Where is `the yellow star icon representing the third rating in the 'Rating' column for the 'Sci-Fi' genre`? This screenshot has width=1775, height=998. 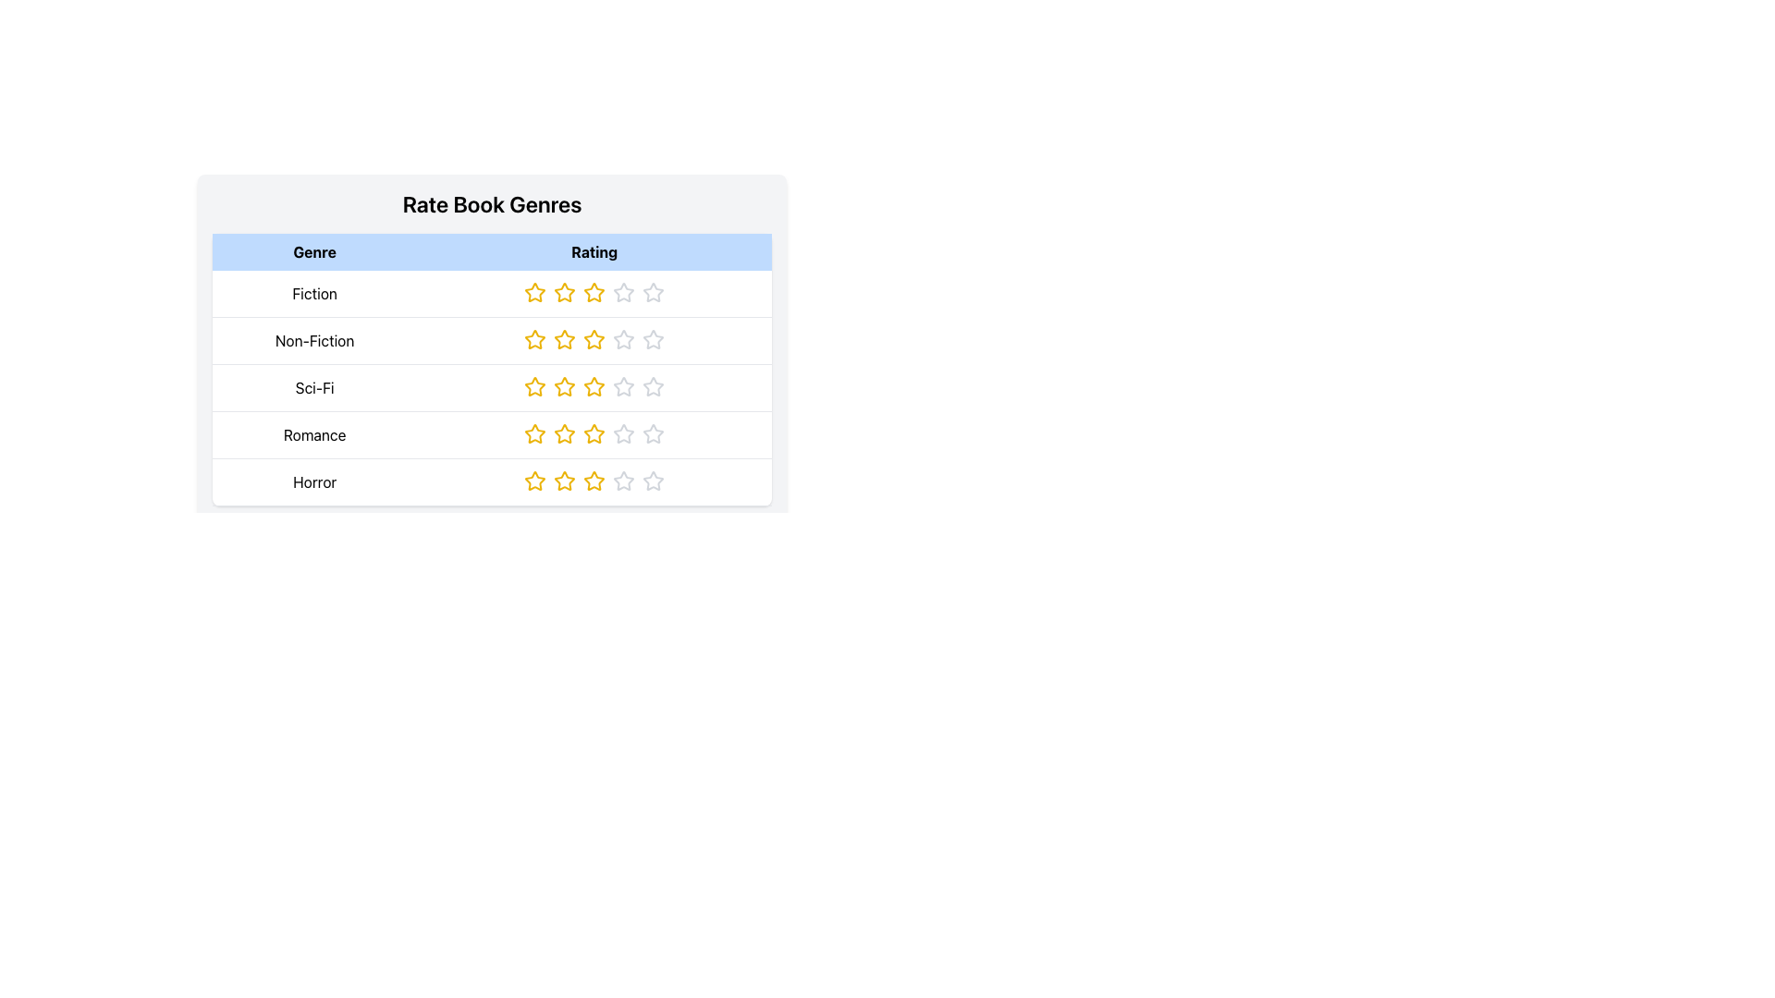 the yellow star icon representing the third rating in the 'Rating' column for the 'Sci-Fi' genre is located at coordinates (564, 386).